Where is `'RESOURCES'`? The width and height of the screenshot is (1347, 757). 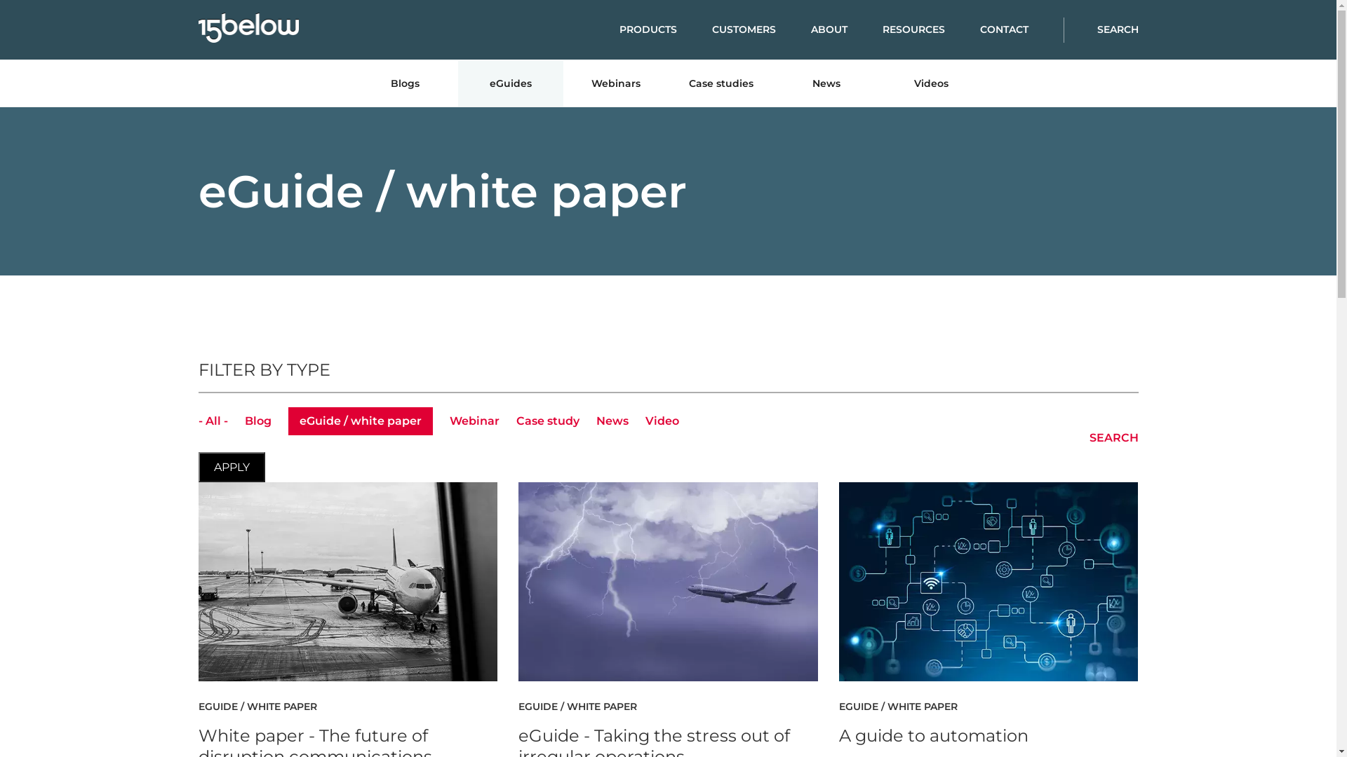 'RESOURCES' is located at coordinates (931, 29).